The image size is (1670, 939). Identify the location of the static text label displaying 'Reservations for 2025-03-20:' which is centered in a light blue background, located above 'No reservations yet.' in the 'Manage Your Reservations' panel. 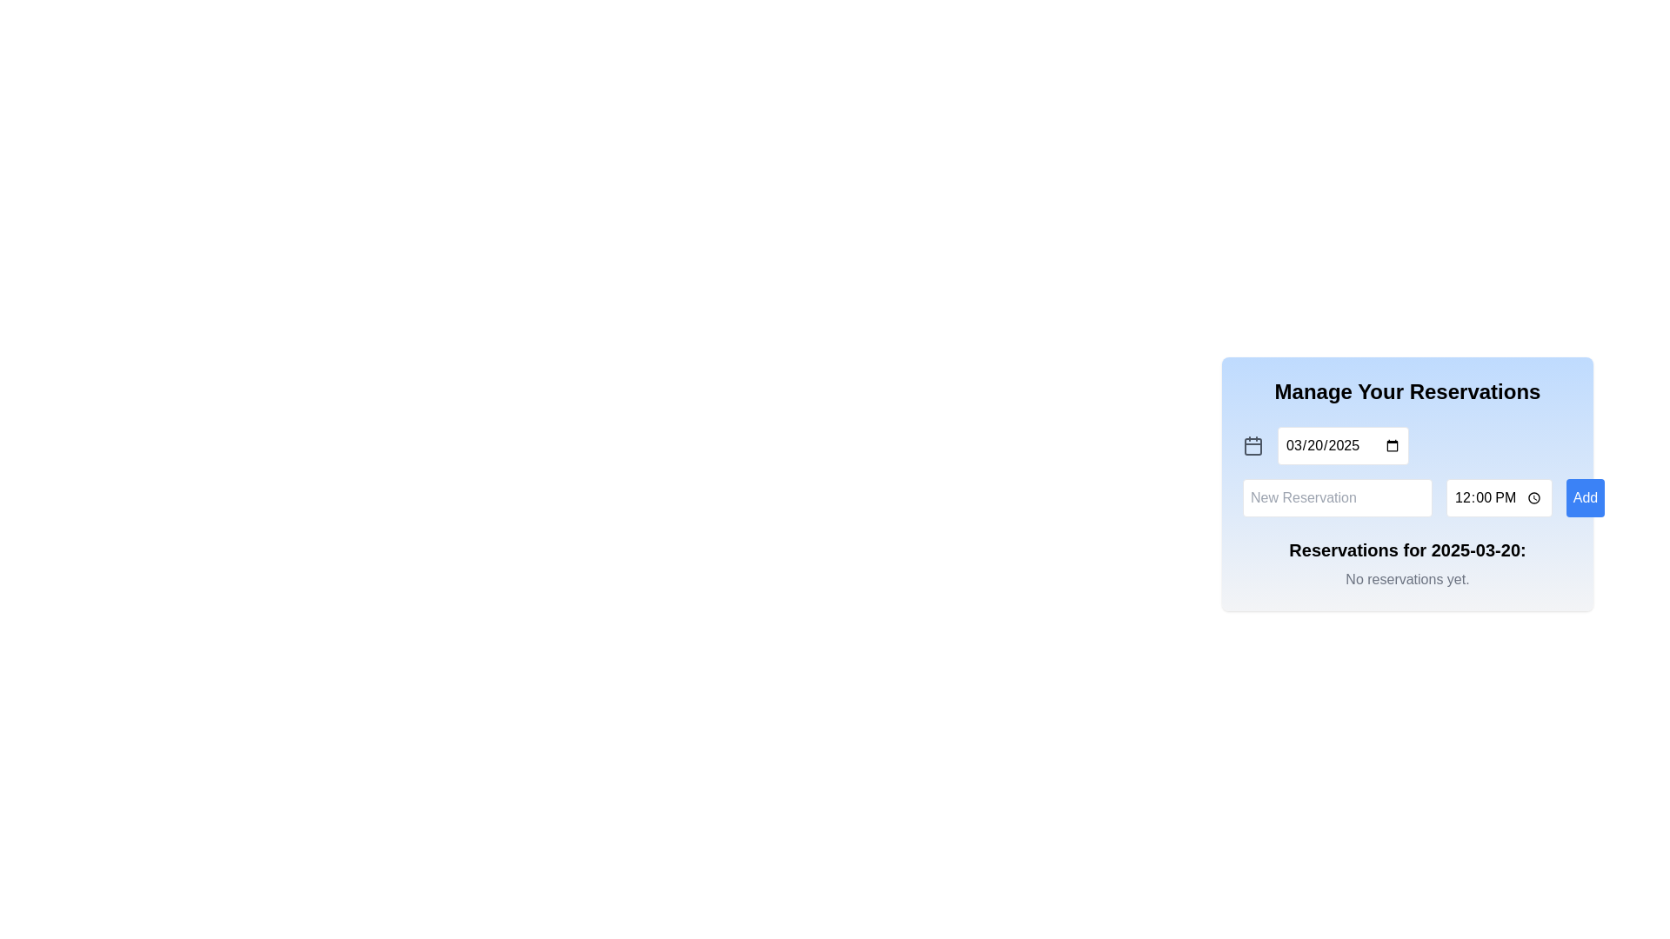
(1407, 549).